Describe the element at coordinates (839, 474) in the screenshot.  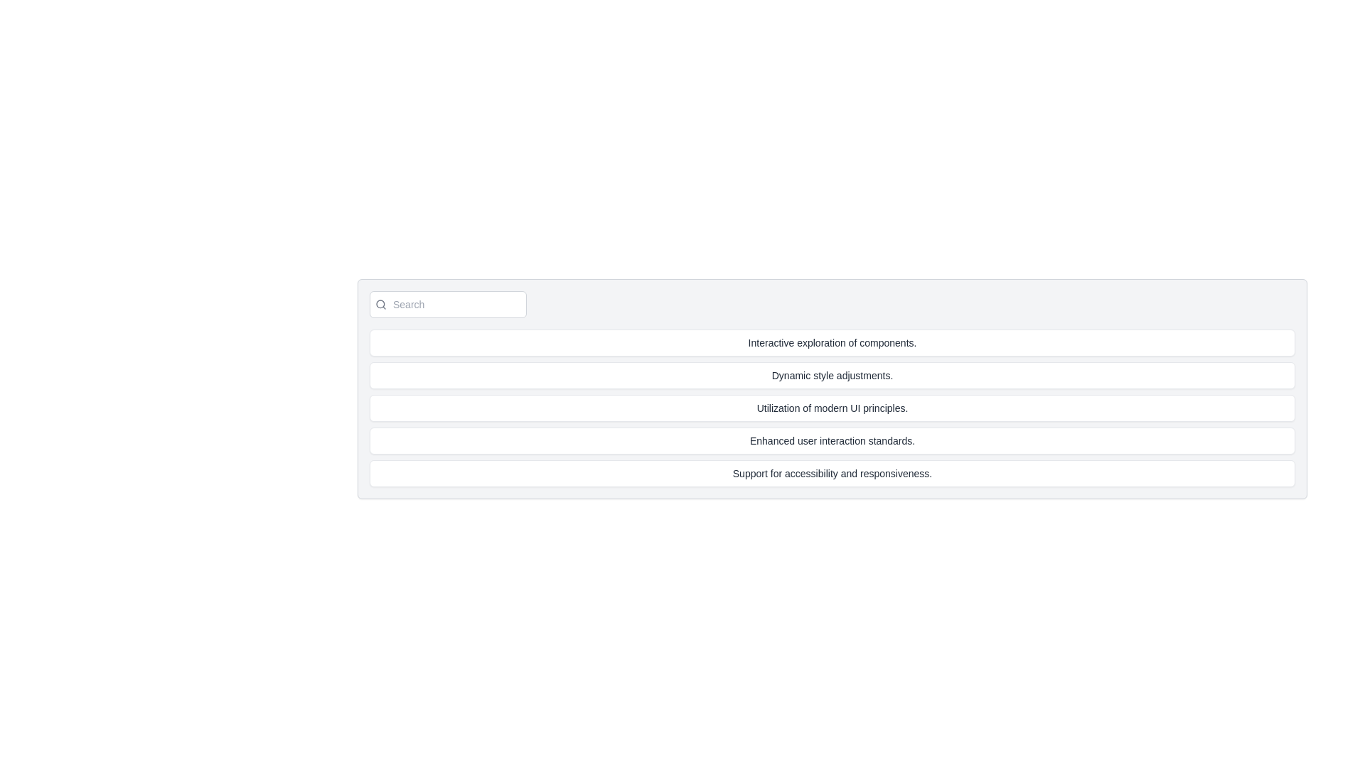
I see `the character or symbol embedded in the text, which is located at the end of the word 'accessibility' in the phrase 'Support for accessibility and responsiveness.'` at that location.